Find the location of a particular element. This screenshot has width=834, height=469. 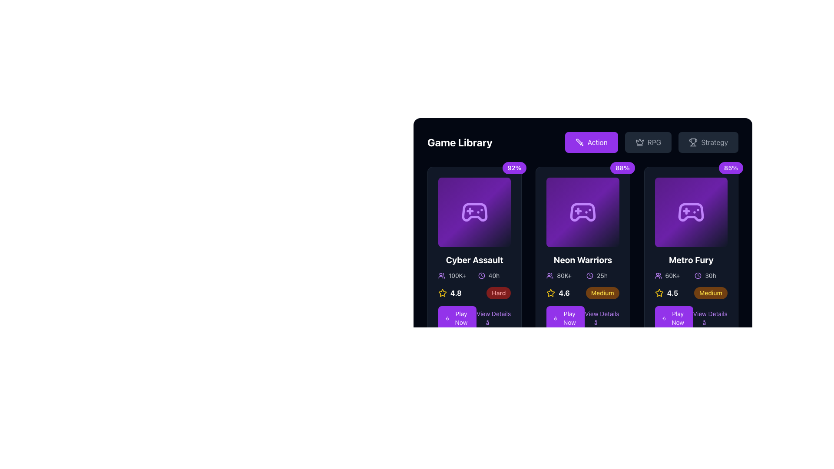

the text displaying '30h' next to the clock icon in the 'Metro Fury' section of the third game card to understand user count is located at coordinates (671, 276).